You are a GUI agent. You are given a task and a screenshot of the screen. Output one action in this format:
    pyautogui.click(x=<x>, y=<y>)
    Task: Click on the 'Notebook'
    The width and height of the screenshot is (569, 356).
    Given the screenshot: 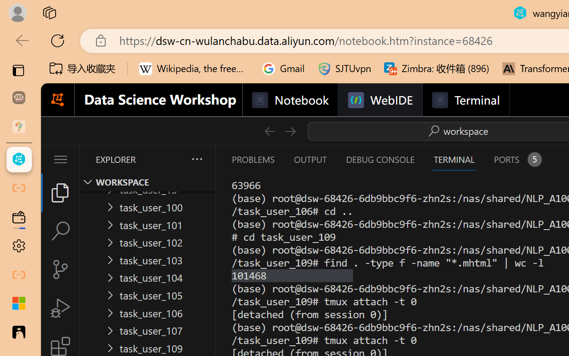 What is the action you would take?
    pyautogui.click(x=290, y=100)
    